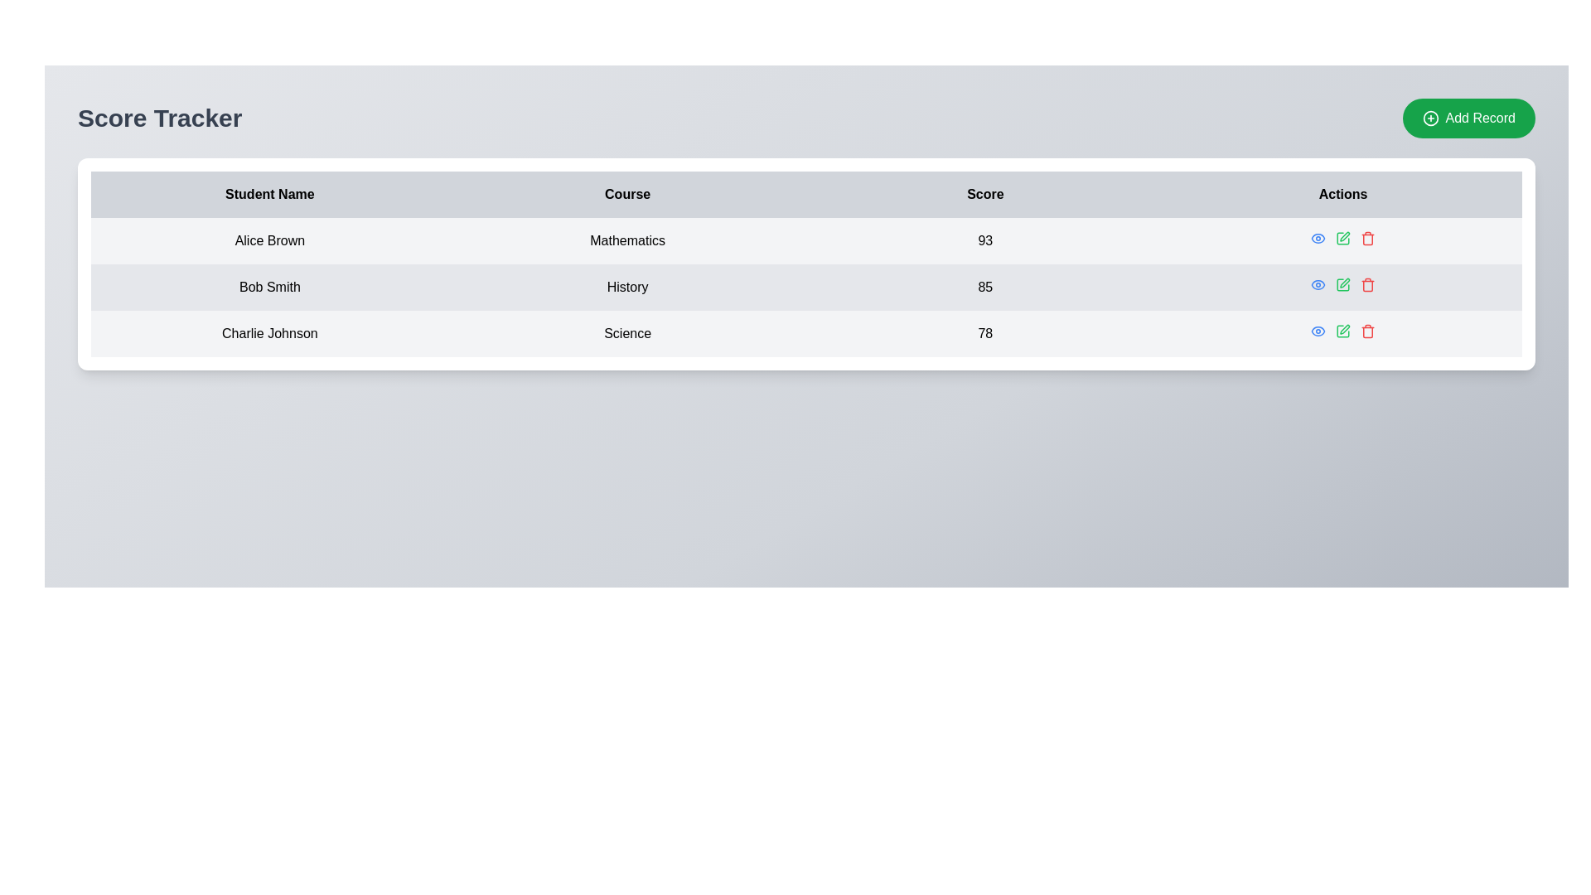  Describe the element at coordinates (1345, 329) in the screenshot. I see `the edit pen icon button in the Actions column of the last row` at that location.